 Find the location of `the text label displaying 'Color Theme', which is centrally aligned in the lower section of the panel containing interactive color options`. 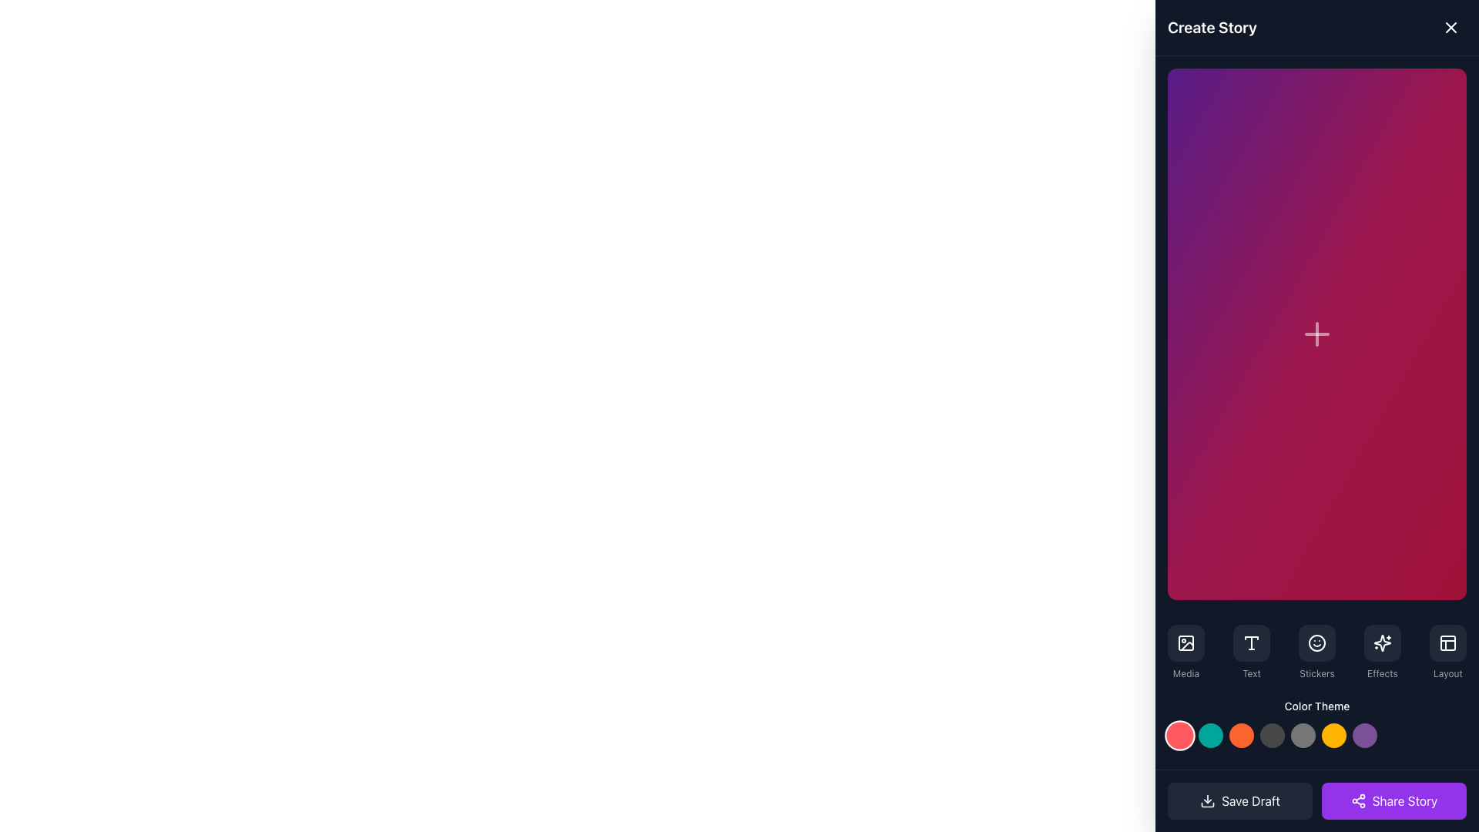

the text label displaying 'Color Theme', which is centrally aligned in the lower section of the panel containing interactive color options is located at coordinates (1316, 705).